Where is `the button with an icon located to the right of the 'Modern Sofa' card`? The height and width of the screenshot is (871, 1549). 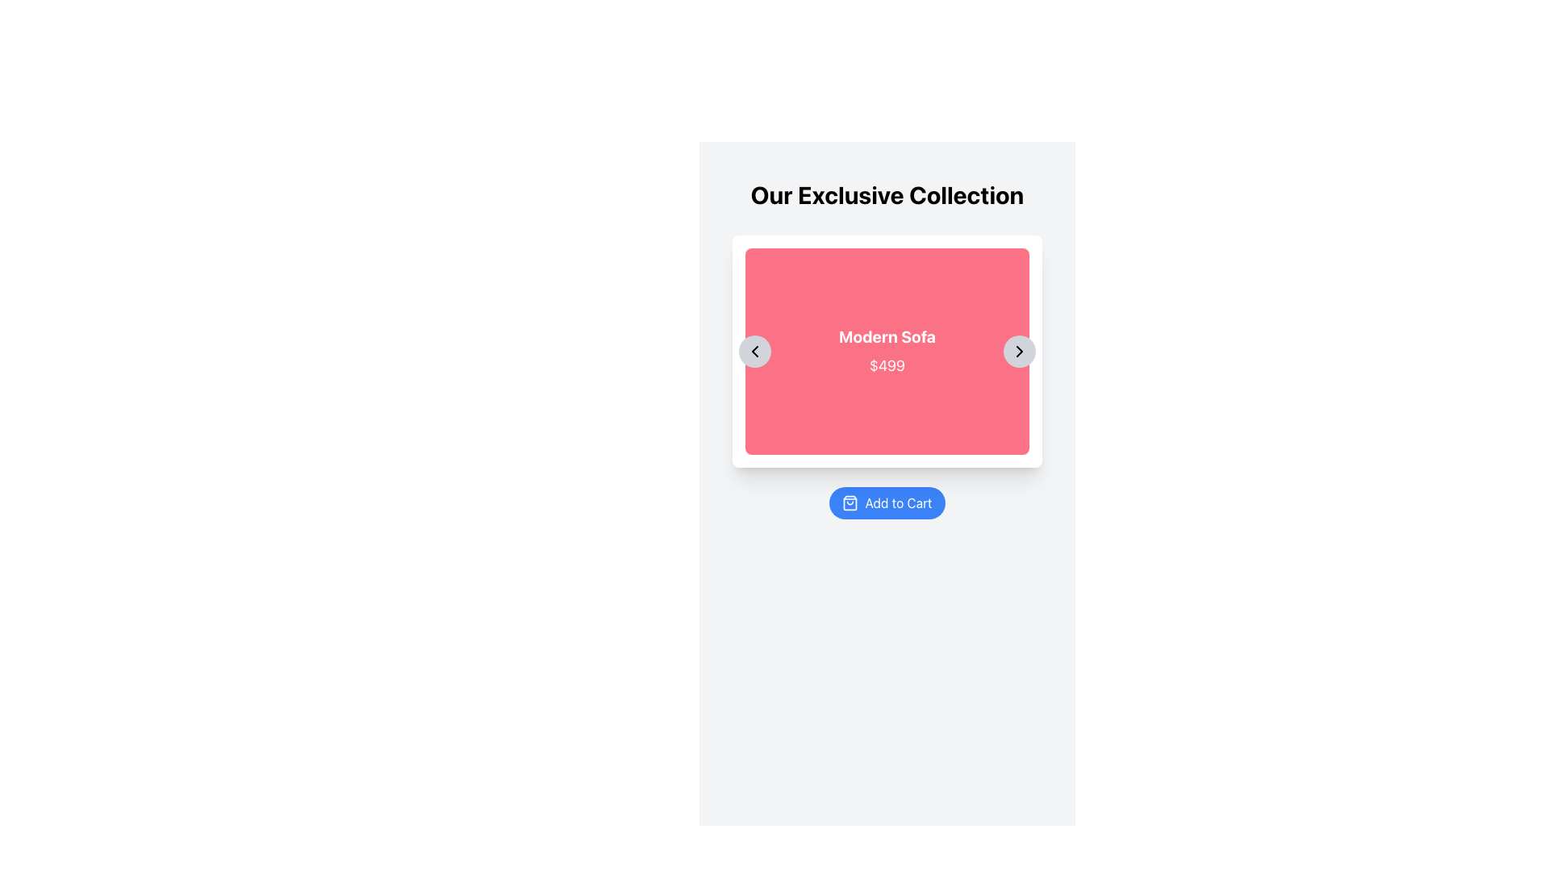
the button with an icon located to the right of the 'Modern Sofa' card is located at coordinates (1018, 350).